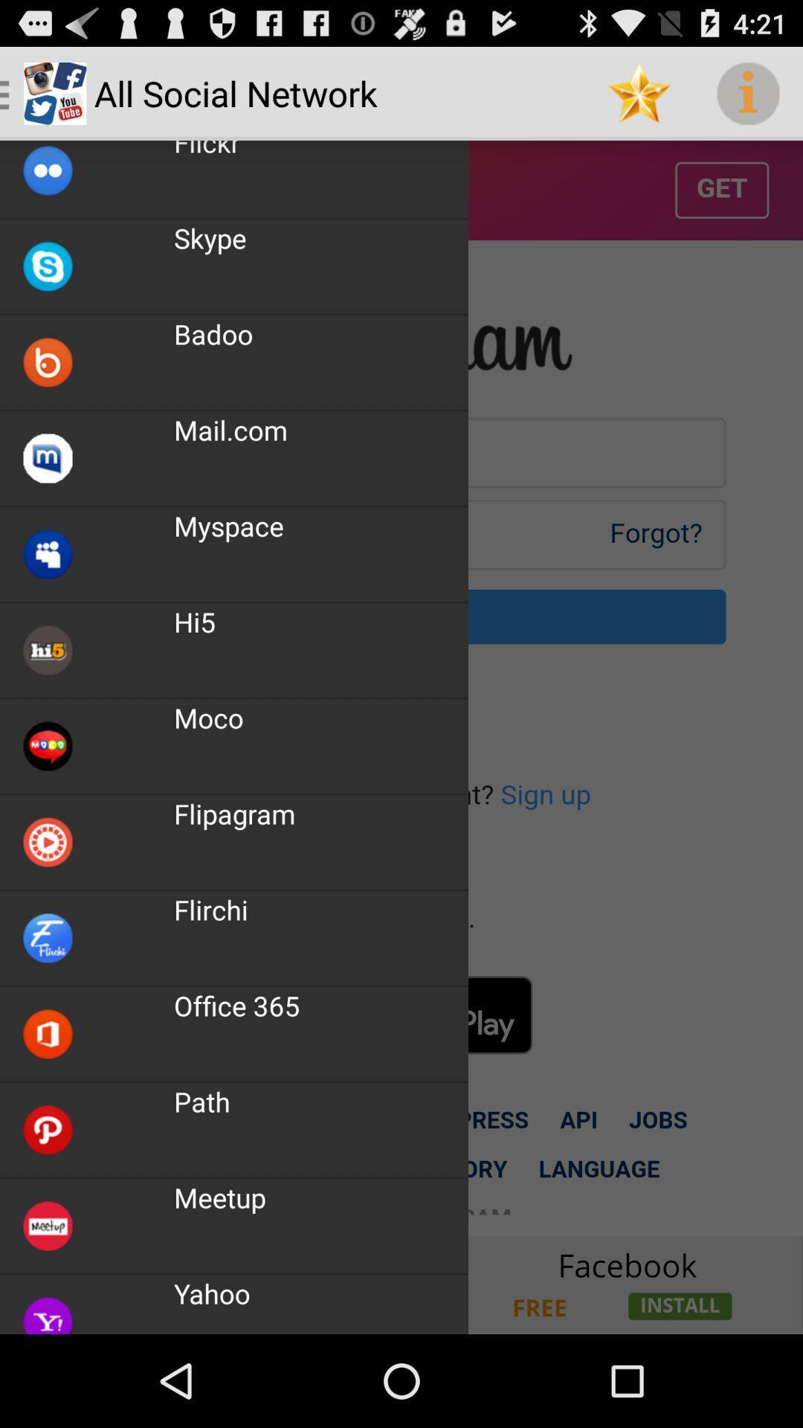 The width and height of the screenshot is (803, 1428). Describe the element at coordinates (212, 1293) in the screenshot. I see `icon below meetup` at that location.